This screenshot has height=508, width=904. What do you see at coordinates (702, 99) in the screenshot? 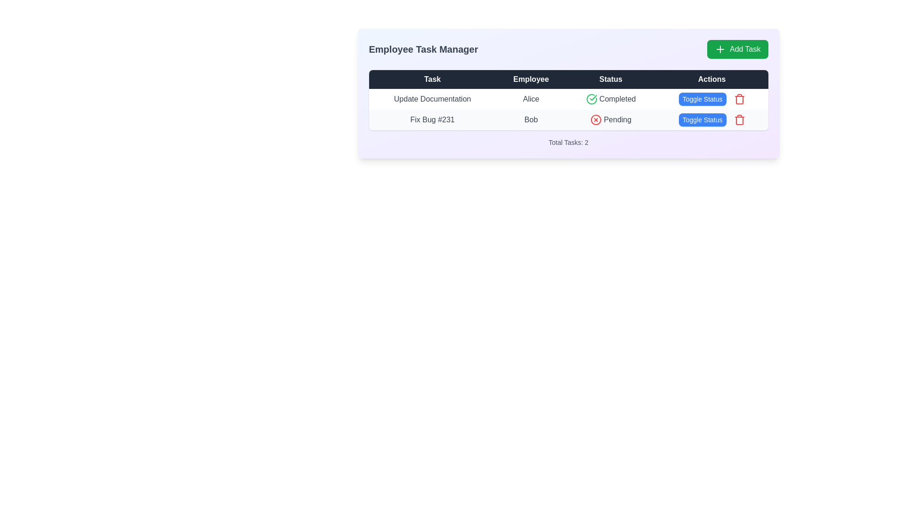
I see `the task status toggle button located to the left of the red trash icon in the 'Actions' column to enable keyboard interaction` at bounding box center [702, 99].